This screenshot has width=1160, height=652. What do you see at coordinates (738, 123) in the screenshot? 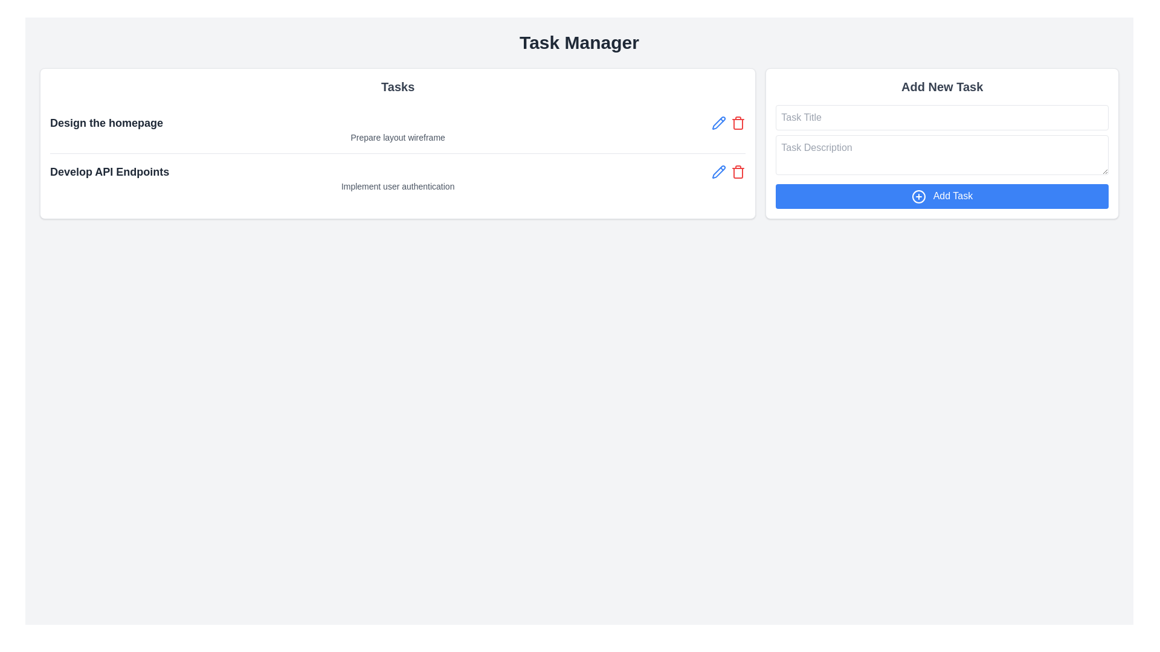
I see `the trash bin icon button` at bounding box center [738, 123].